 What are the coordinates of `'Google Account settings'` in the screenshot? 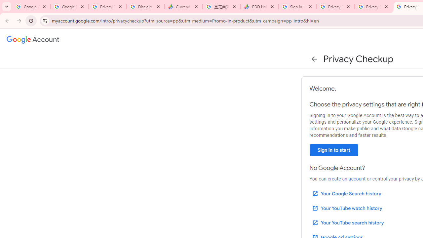 It's located at (33, 40).